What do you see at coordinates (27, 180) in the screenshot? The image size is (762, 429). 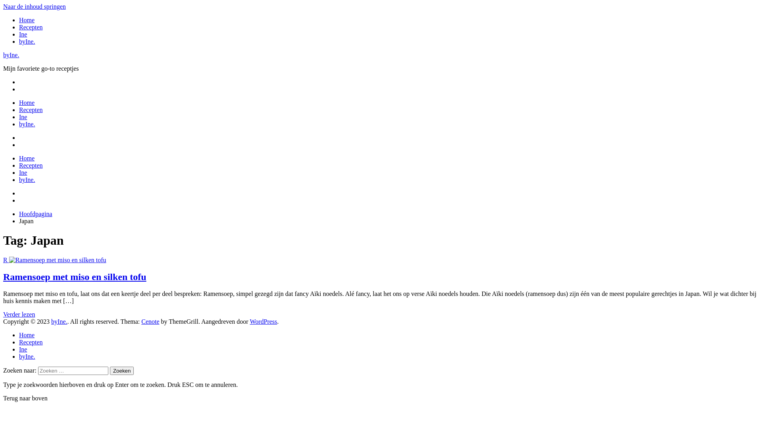 I see `'byIne.'` at bounding box center [27, 180].